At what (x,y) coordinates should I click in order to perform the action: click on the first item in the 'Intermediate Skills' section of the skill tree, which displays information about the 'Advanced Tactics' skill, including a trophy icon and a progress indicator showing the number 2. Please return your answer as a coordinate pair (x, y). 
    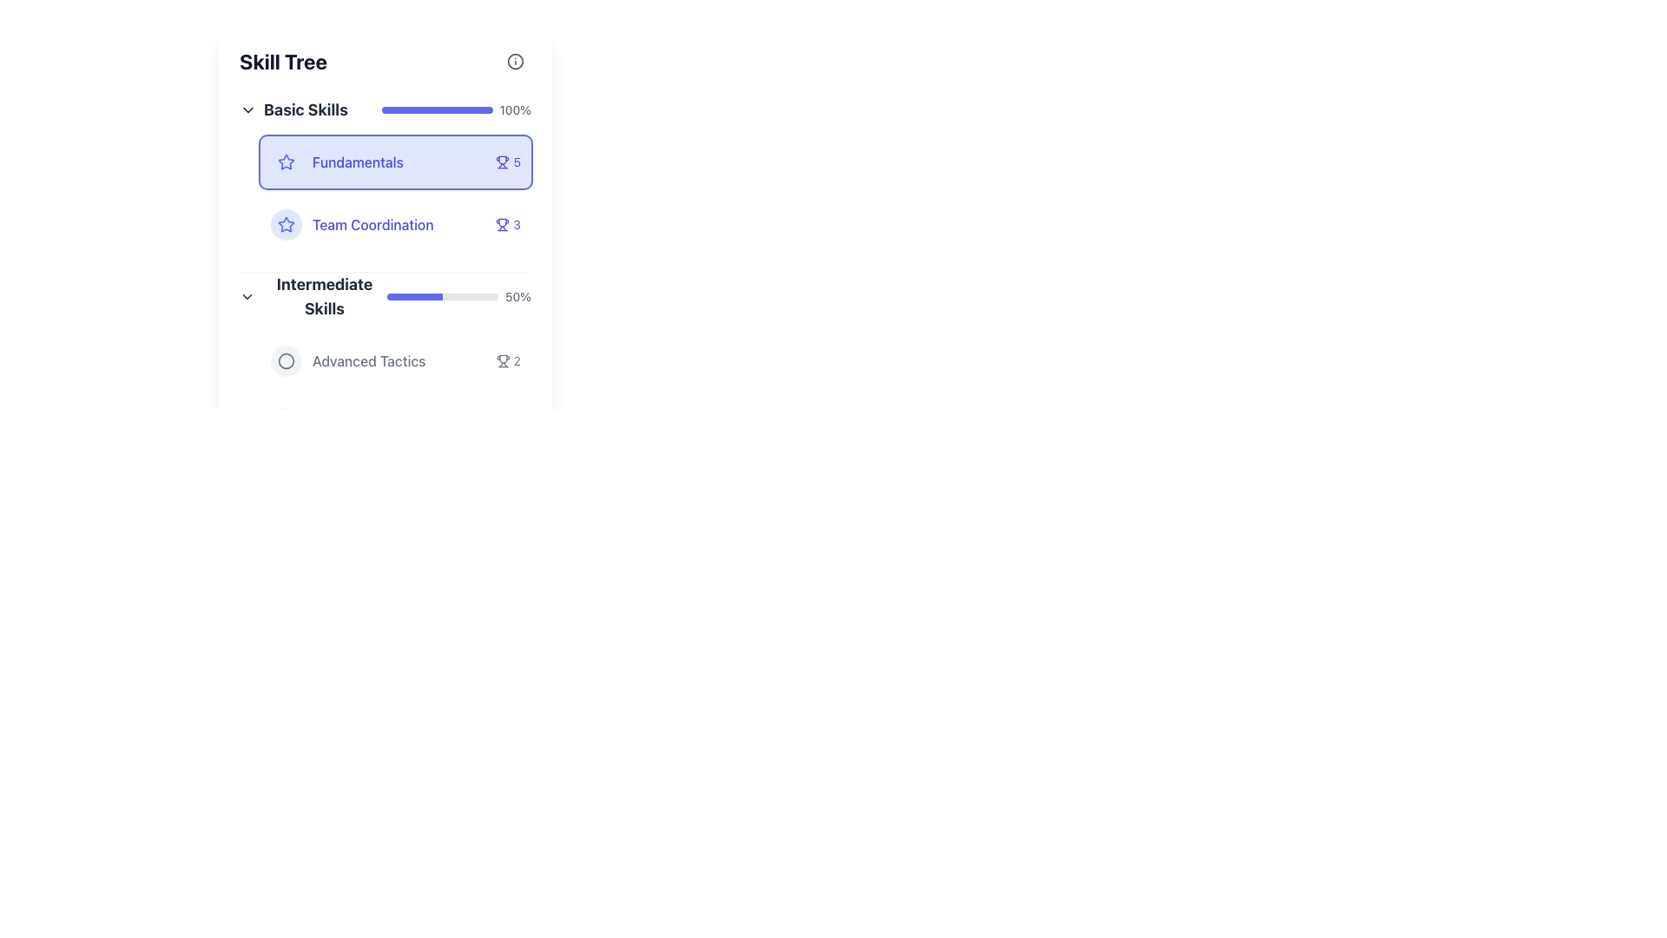
    Looking at the image, I should click on (395, 360).